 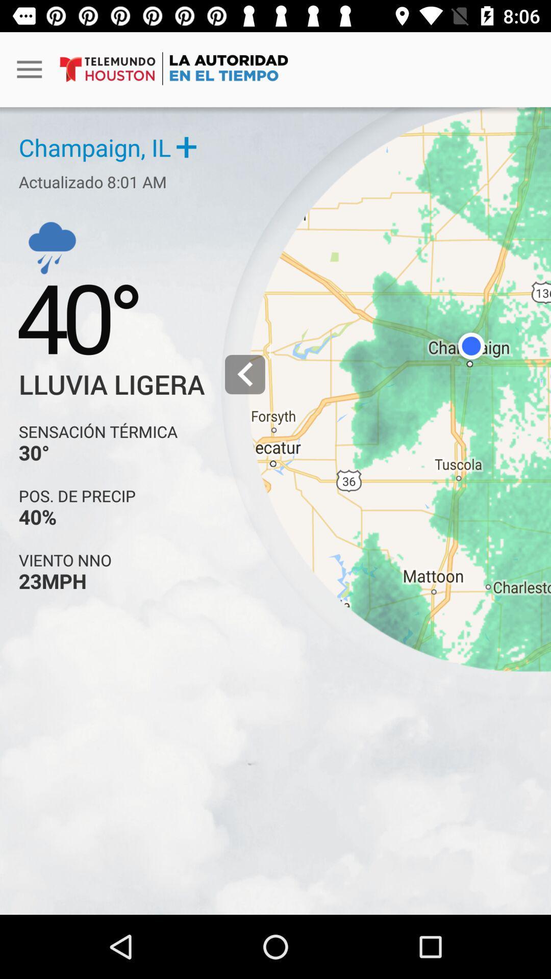 I want to click on champaign il, so click(x=108, y=146).